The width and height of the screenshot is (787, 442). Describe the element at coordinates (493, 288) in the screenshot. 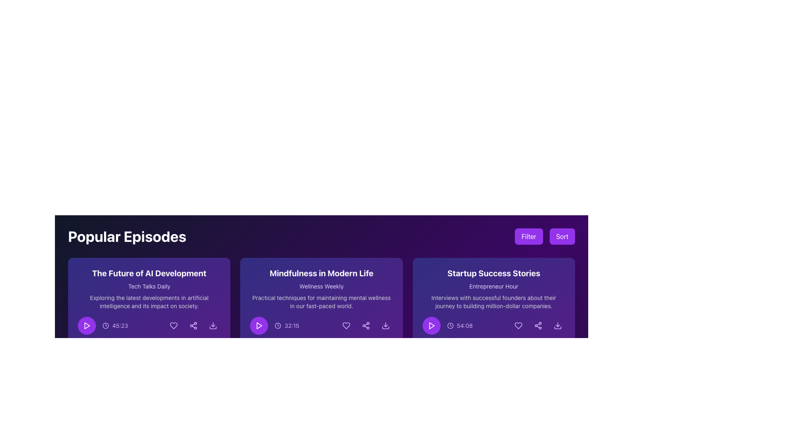

I see `the central text block on the third card from the left in the 'Popular Episodes' section, which provides the title, subtitle, and description of the podcast or episode` at that location.